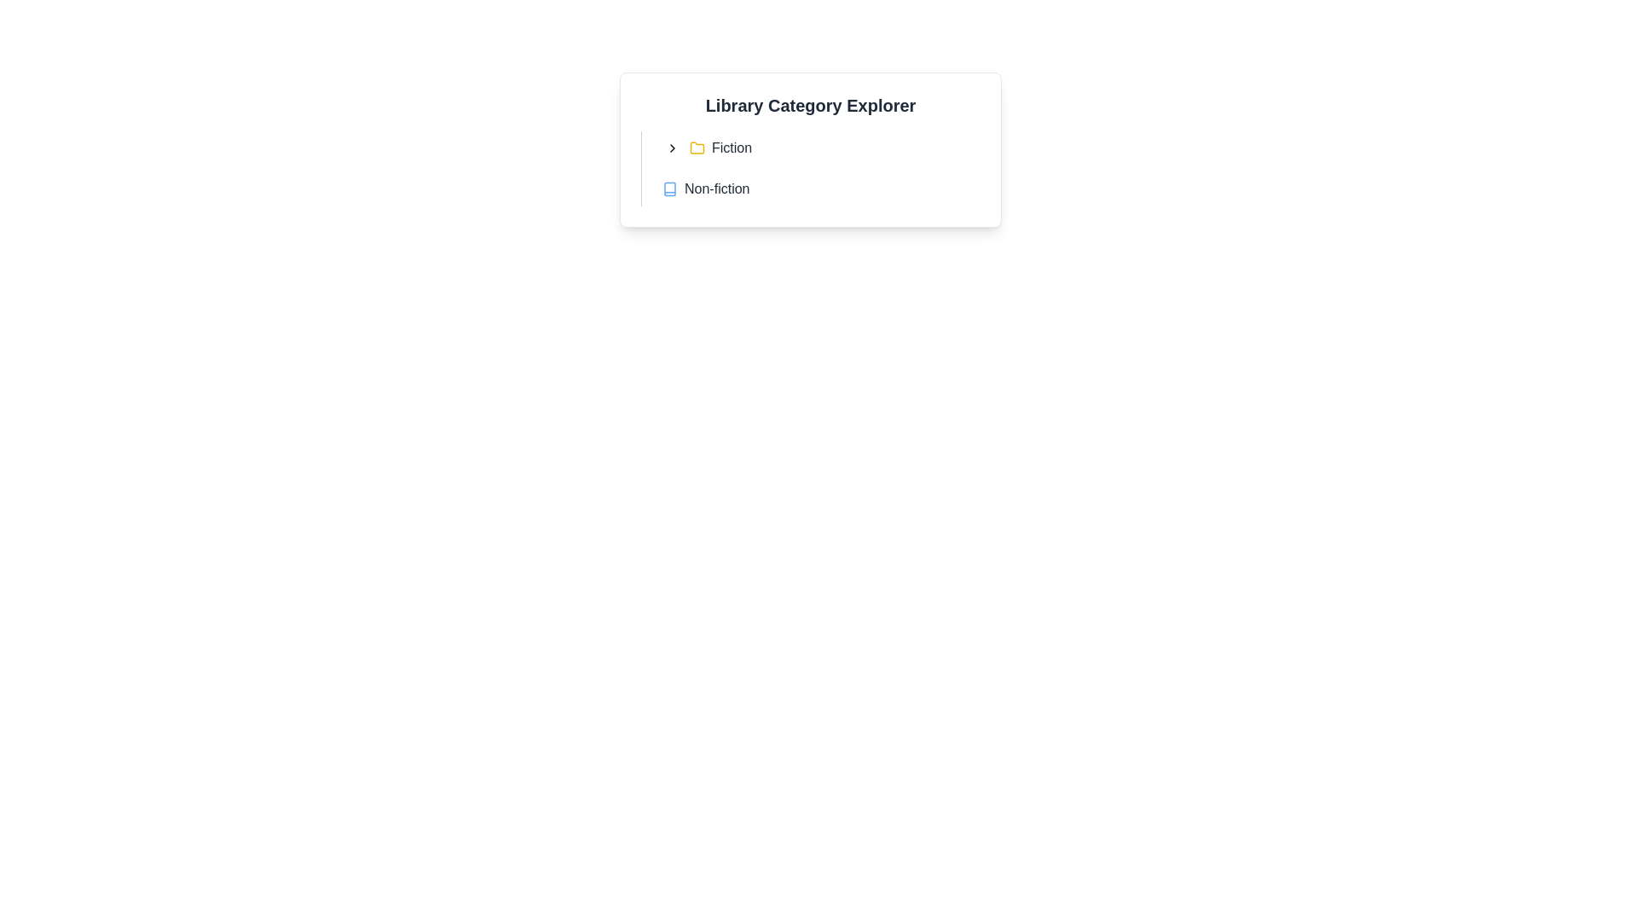 The width and height of the screenshot is (1637, 921). I want to click on the open book icon with a blue tint located to the left of the 'Non-fiction' text label, so click(669, 189).